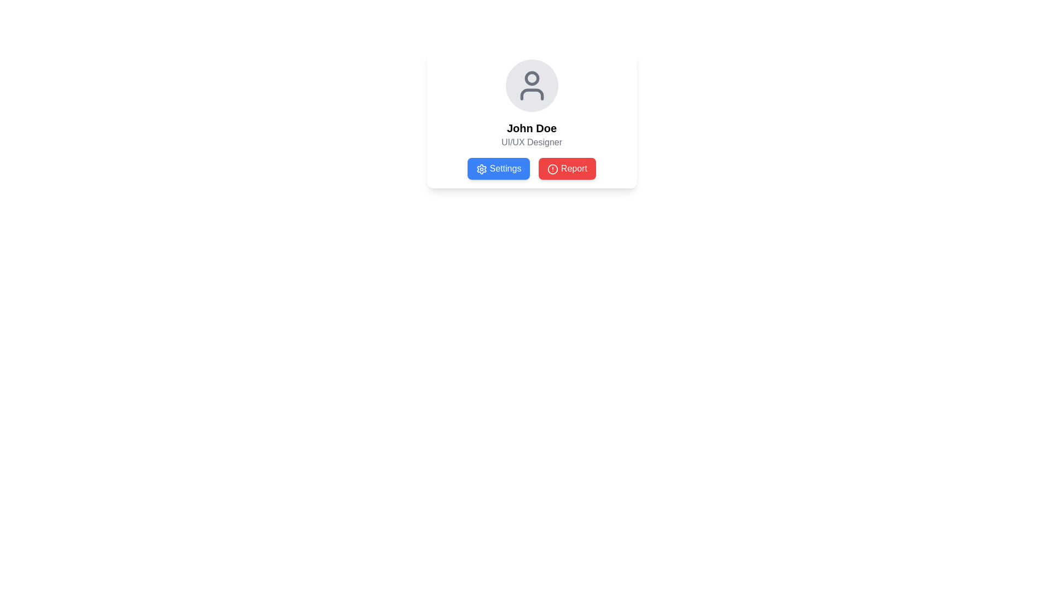  Describe the element at coordinates (532, 85) in the screenshot. I see `the user account icon, which is represented as a circular gray background located above the text displaying 'John Doe' and 'UI/UX Designer'` at that location.